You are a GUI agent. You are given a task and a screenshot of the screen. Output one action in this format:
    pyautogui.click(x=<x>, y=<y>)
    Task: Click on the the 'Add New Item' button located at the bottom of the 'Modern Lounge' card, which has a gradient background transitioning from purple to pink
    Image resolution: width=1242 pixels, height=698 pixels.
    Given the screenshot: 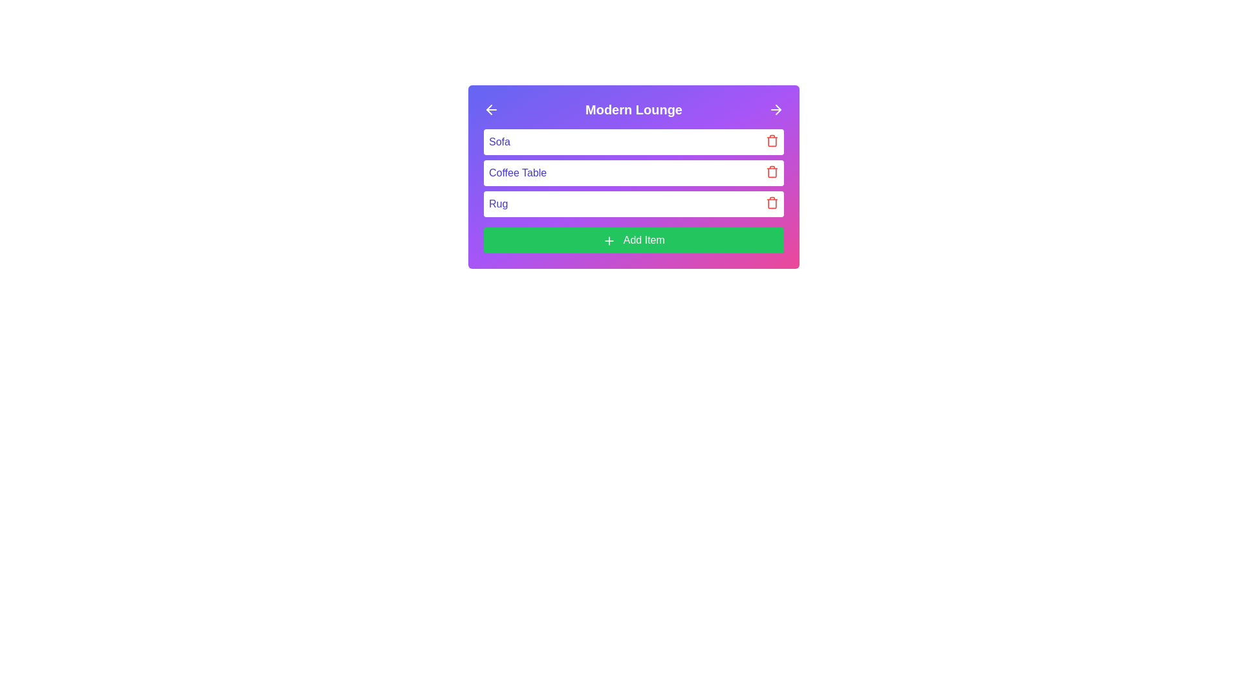 What is the action you would take?
    pyautogui.click(x=633, y=240)
    